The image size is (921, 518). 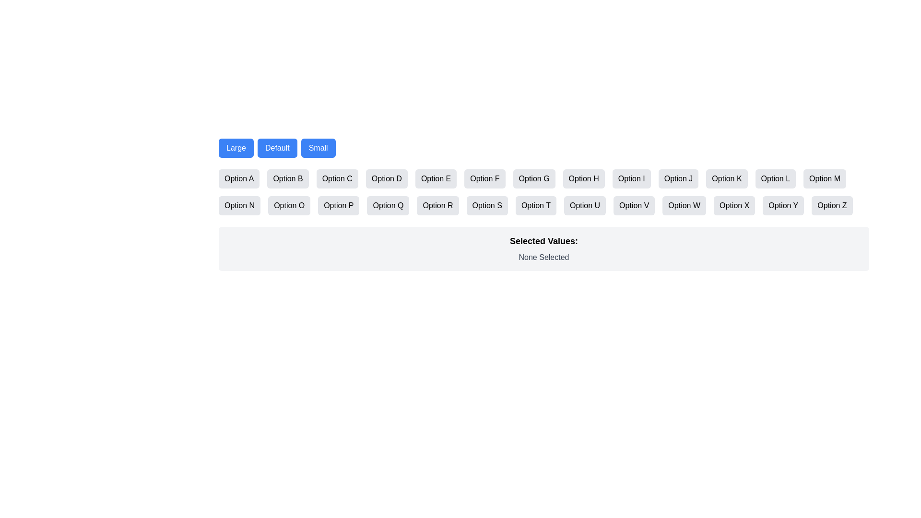 I want to click on the button labeled 'Option S', which is a rectangular button with rounded borders in a soft gray shade, so click(x=487, y=205).